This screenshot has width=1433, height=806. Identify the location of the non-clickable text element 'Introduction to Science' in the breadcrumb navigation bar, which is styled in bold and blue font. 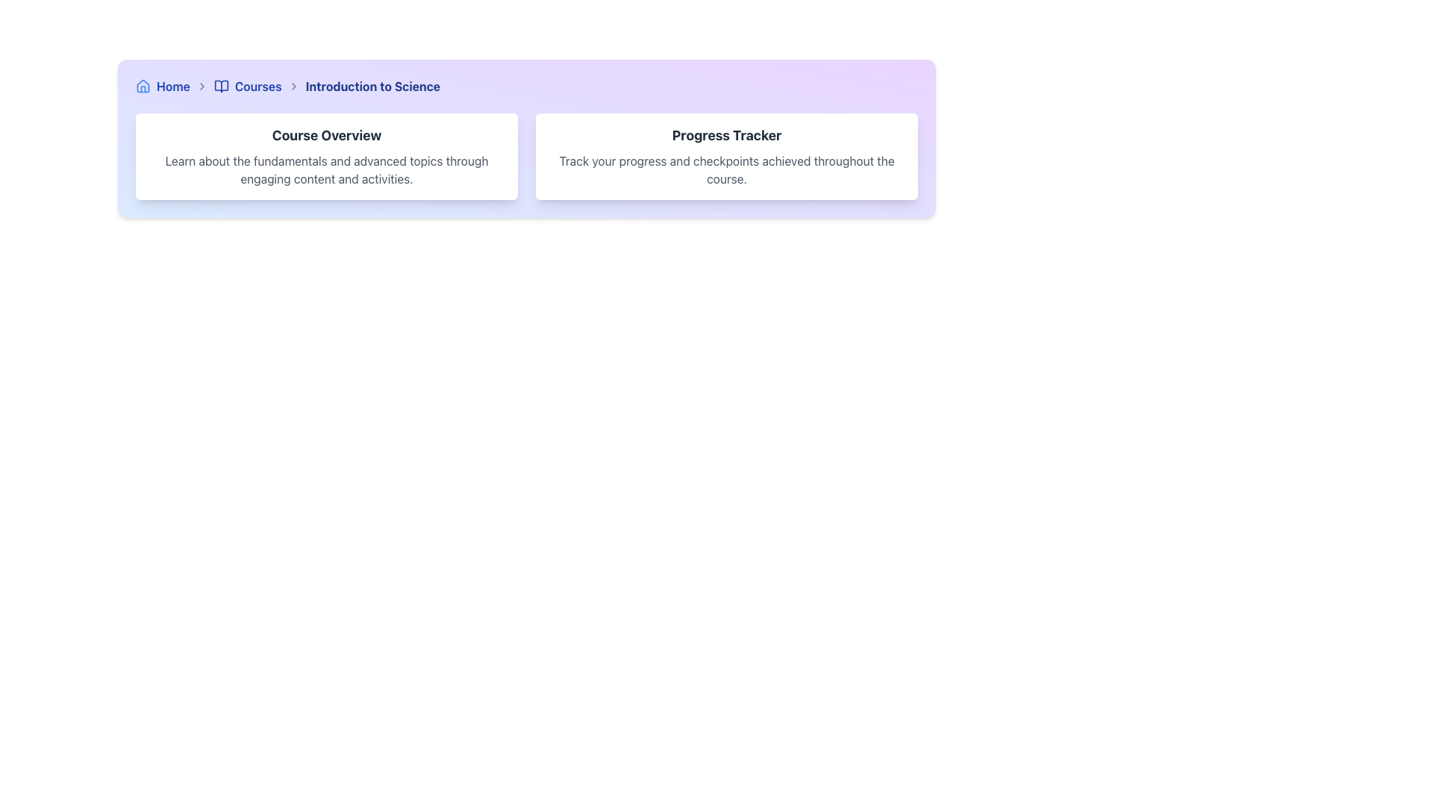
(372, 86).